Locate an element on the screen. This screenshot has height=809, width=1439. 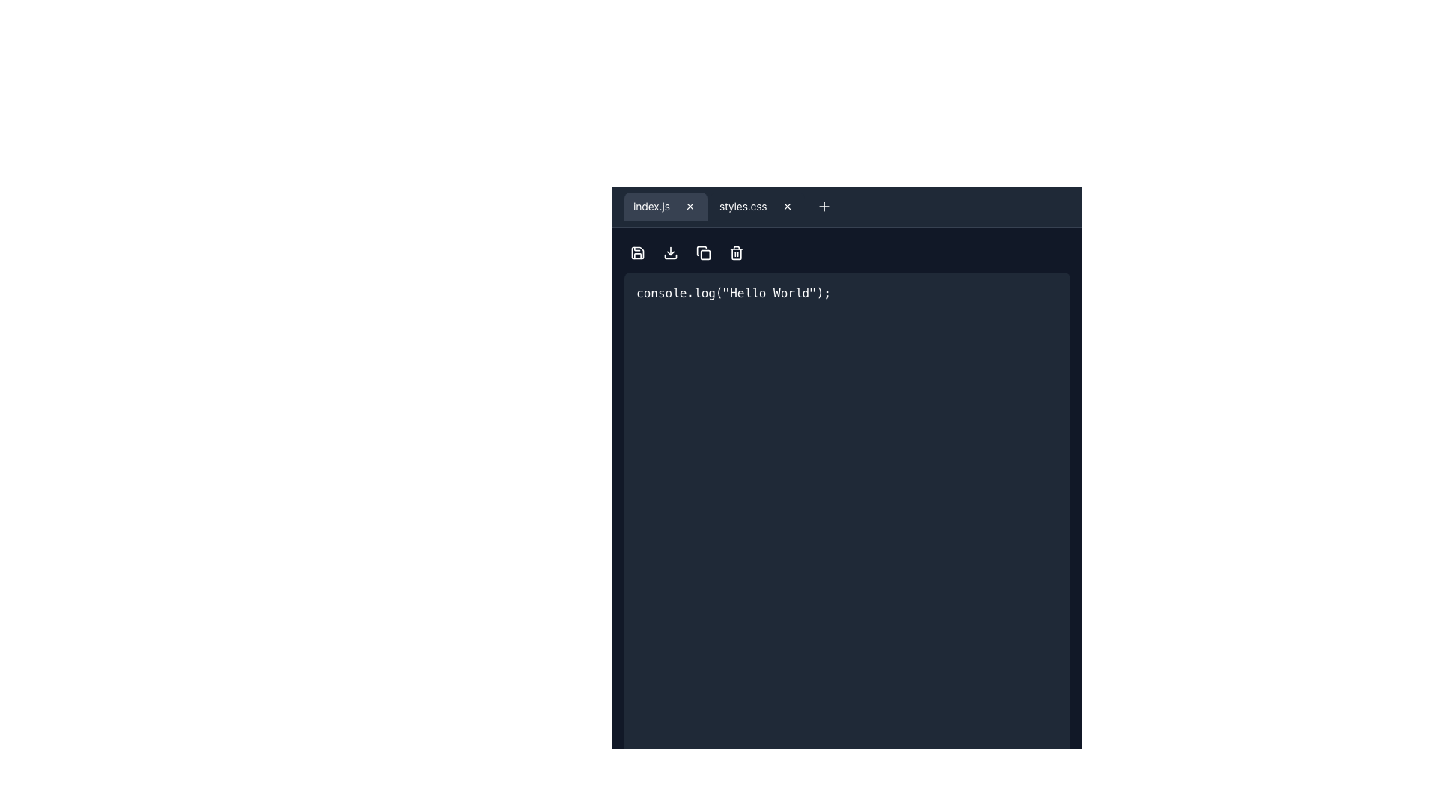
the 'X' icon on the tab labeled 'styles.css' is located at coordinates (757, 207).